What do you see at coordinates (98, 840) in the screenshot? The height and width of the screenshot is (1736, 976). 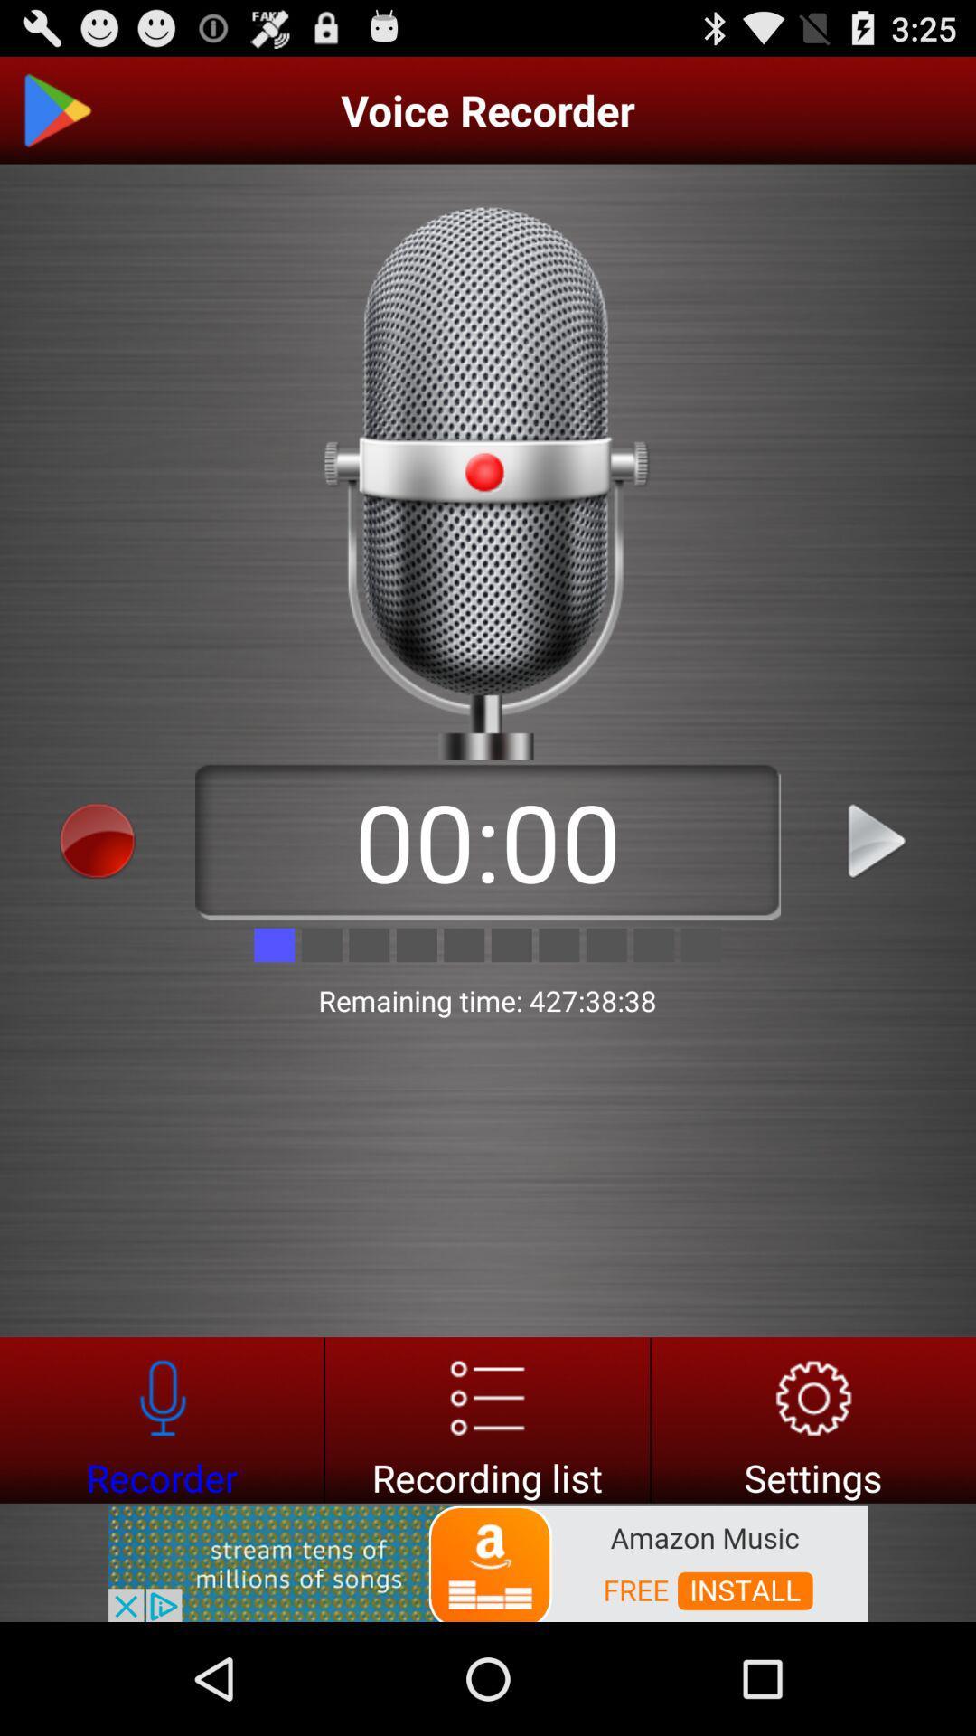 I see `apps` at bounding box center [98, 840].